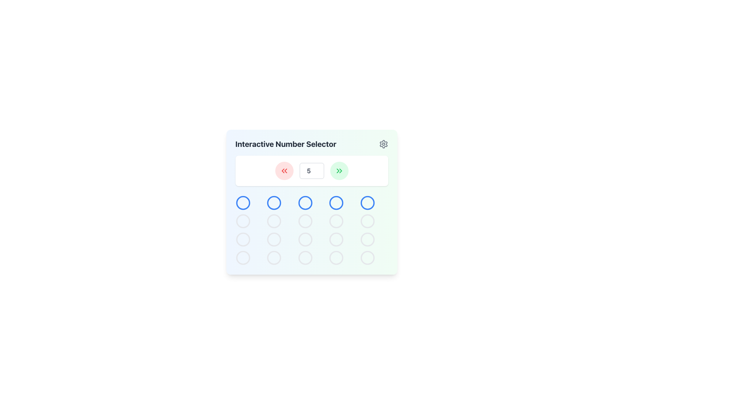  What do you see at coordinates (339, 170) in the screenshot?
I see `the rightward double-chevron button with a green stroke in the Interactive Number Selector` at bounding box center [339, 170].